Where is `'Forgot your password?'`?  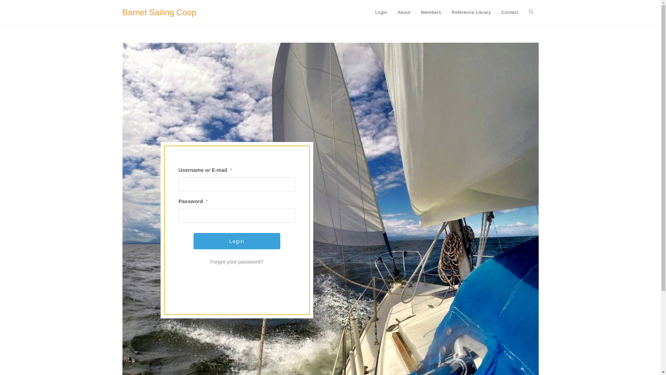
'Forgot your password?' is located at coordinates (236, 261).